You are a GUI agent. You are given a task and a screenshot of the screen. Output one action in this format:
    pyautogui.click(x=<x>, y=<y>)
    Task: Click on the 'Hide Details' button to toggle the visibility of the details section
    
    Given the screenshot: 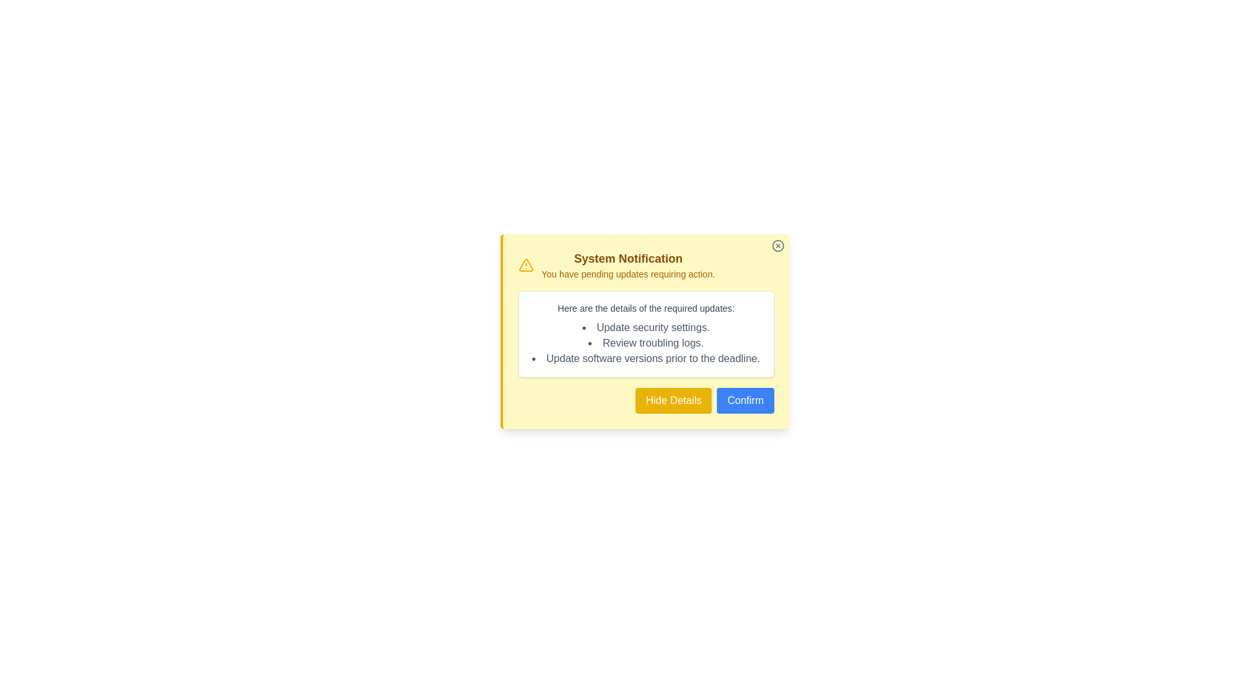 What is the action you would take?
    pyautogui.click(x=672, y=400)
    